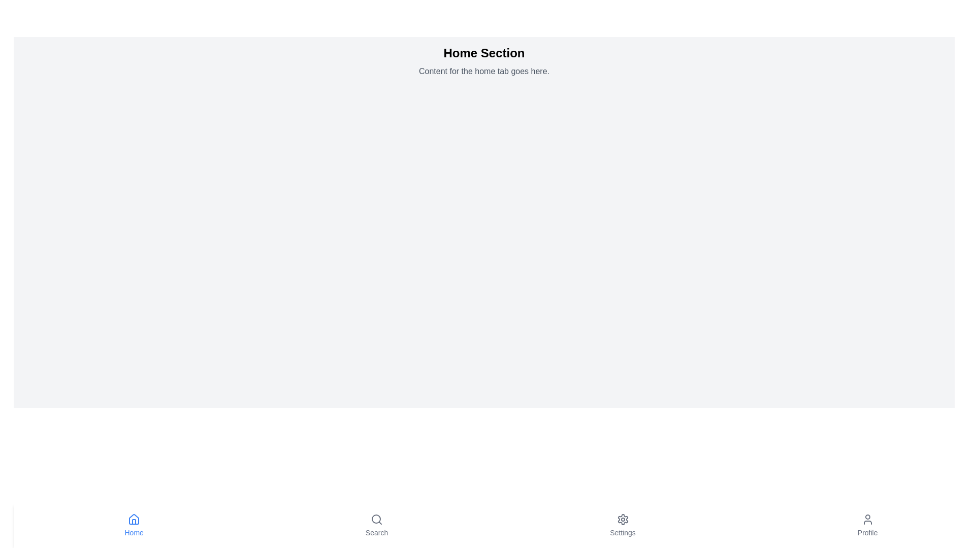  Describe the element at coordinates (483, 71) in the screenshot. I see `the text element that serves as a brief description or content placeholder related to the 'Home Section', positioned immediately below the bold title at the top of the interface` at that location.